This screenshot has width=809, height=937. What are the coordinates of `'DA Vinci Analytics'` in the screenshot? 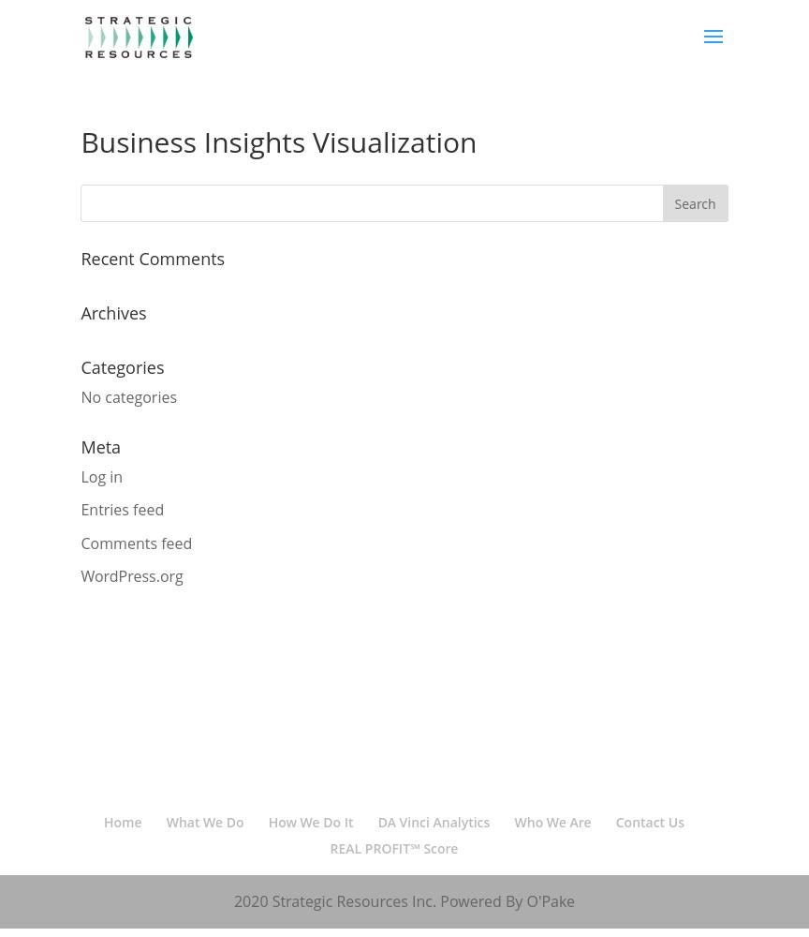 It's located at (375, 822).